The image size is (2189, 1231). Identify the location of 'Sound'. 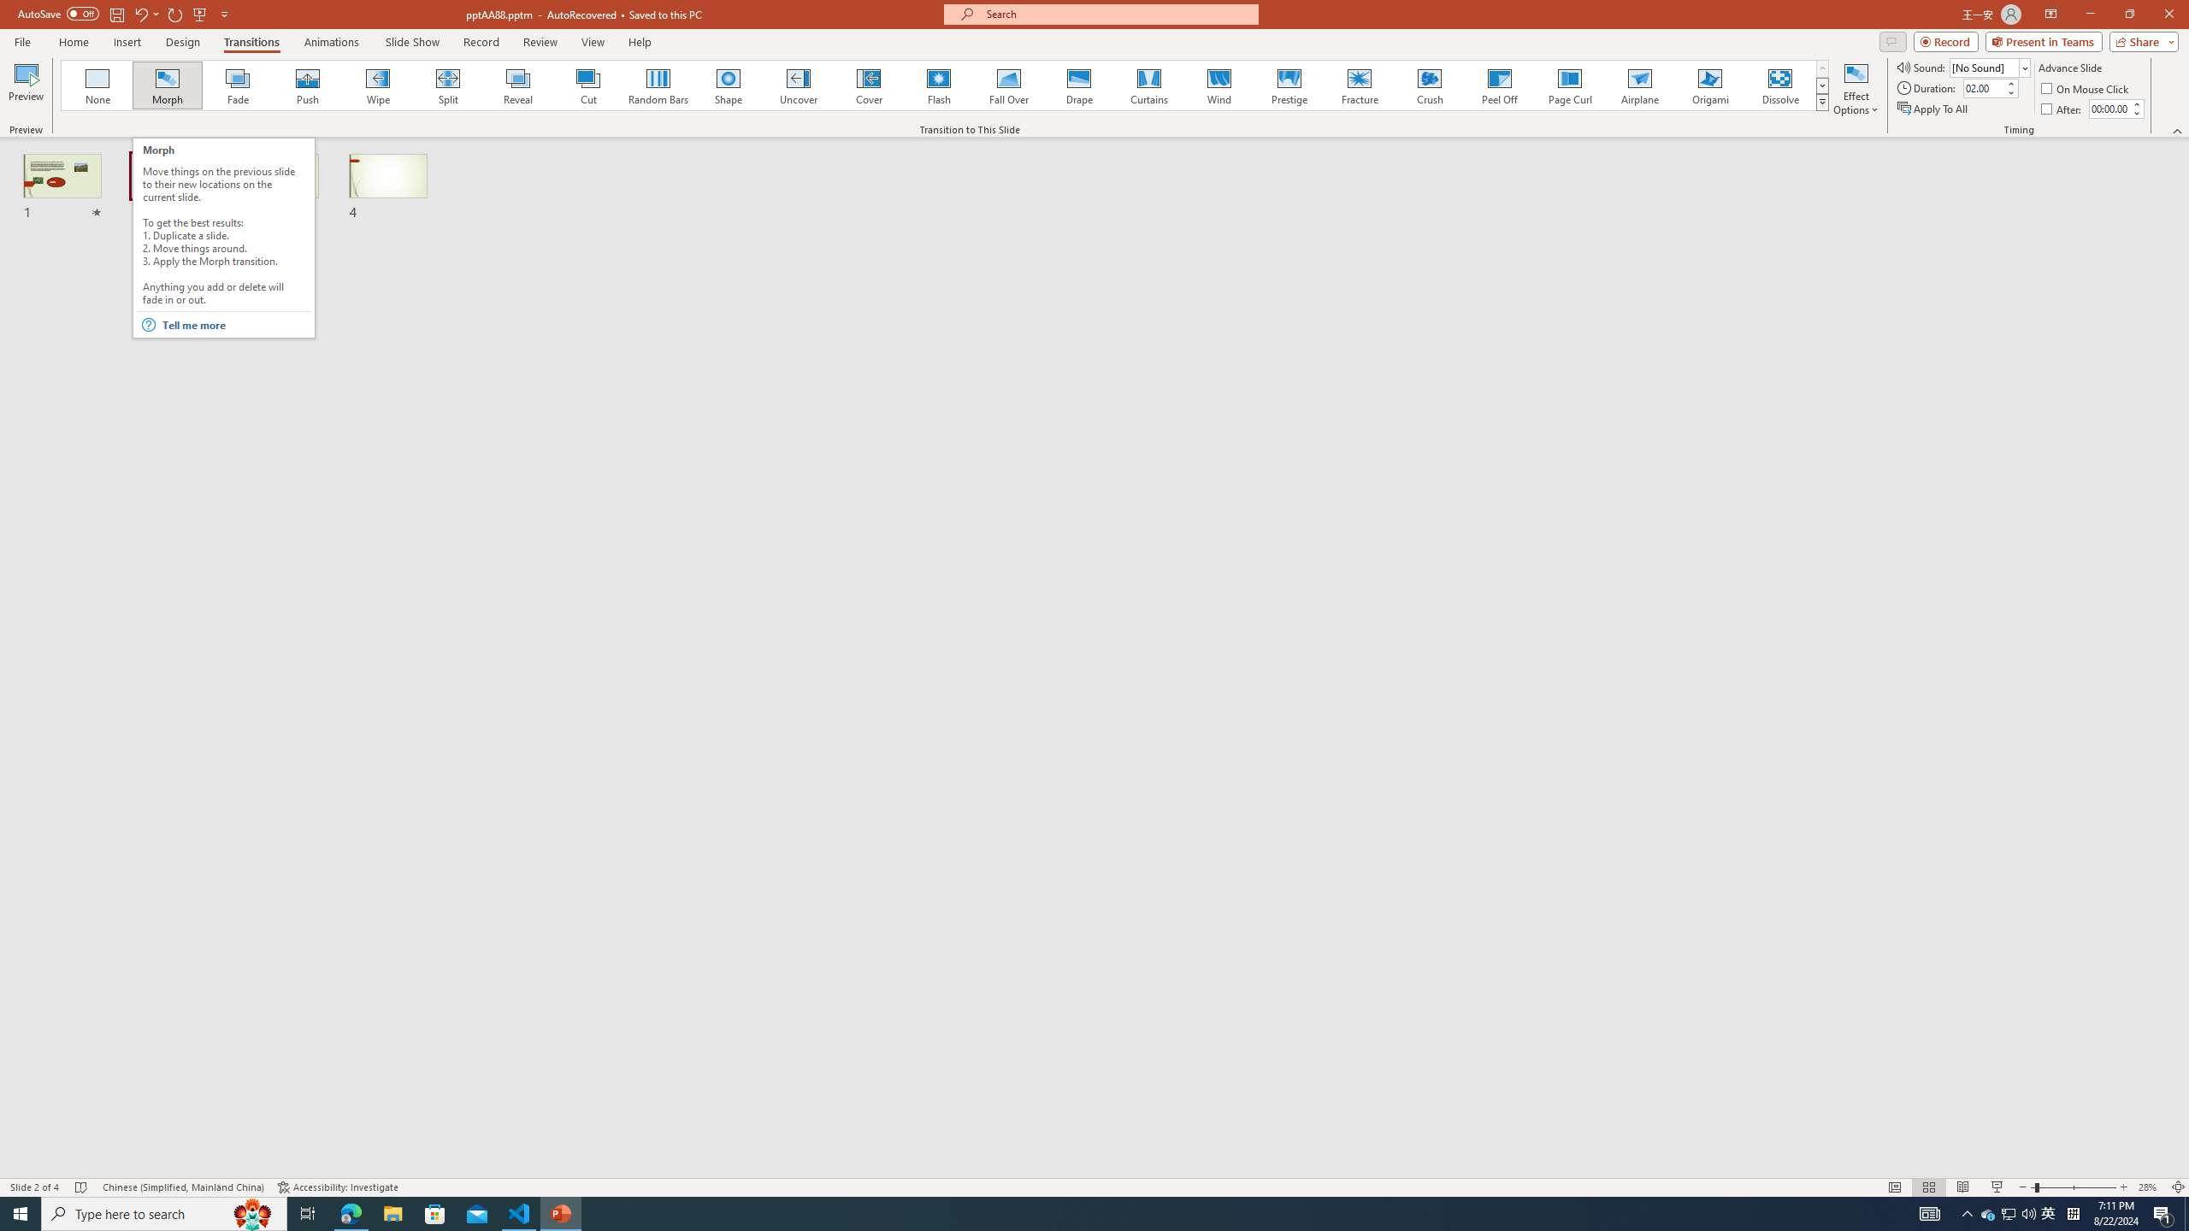
(1990, 67).